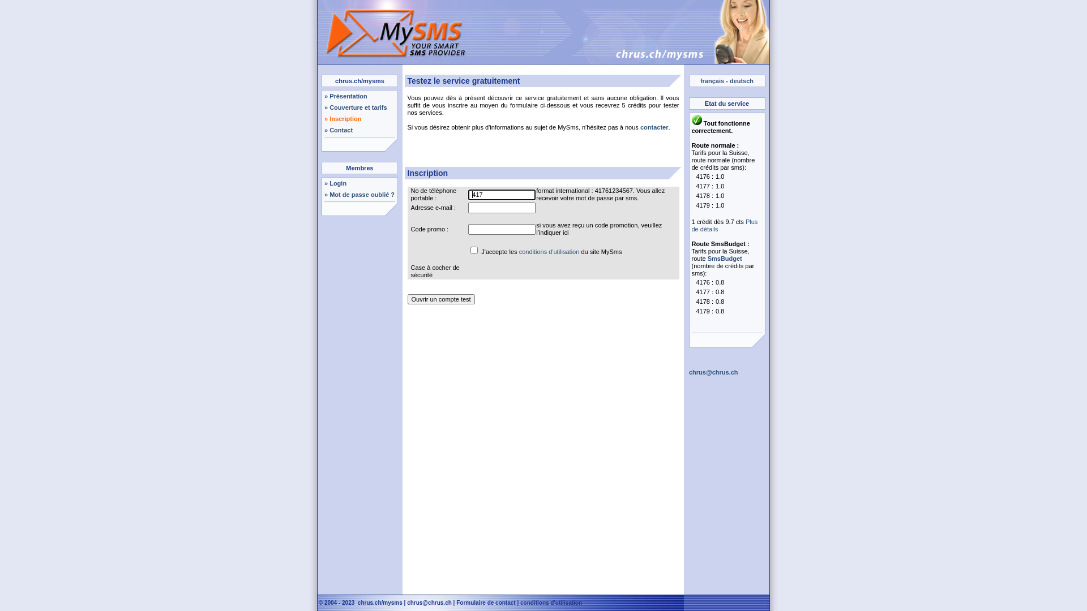 Image resolution: width=1087 pixels, height=611 pixels. I want to click on 'deutsch', so click(742, 80).